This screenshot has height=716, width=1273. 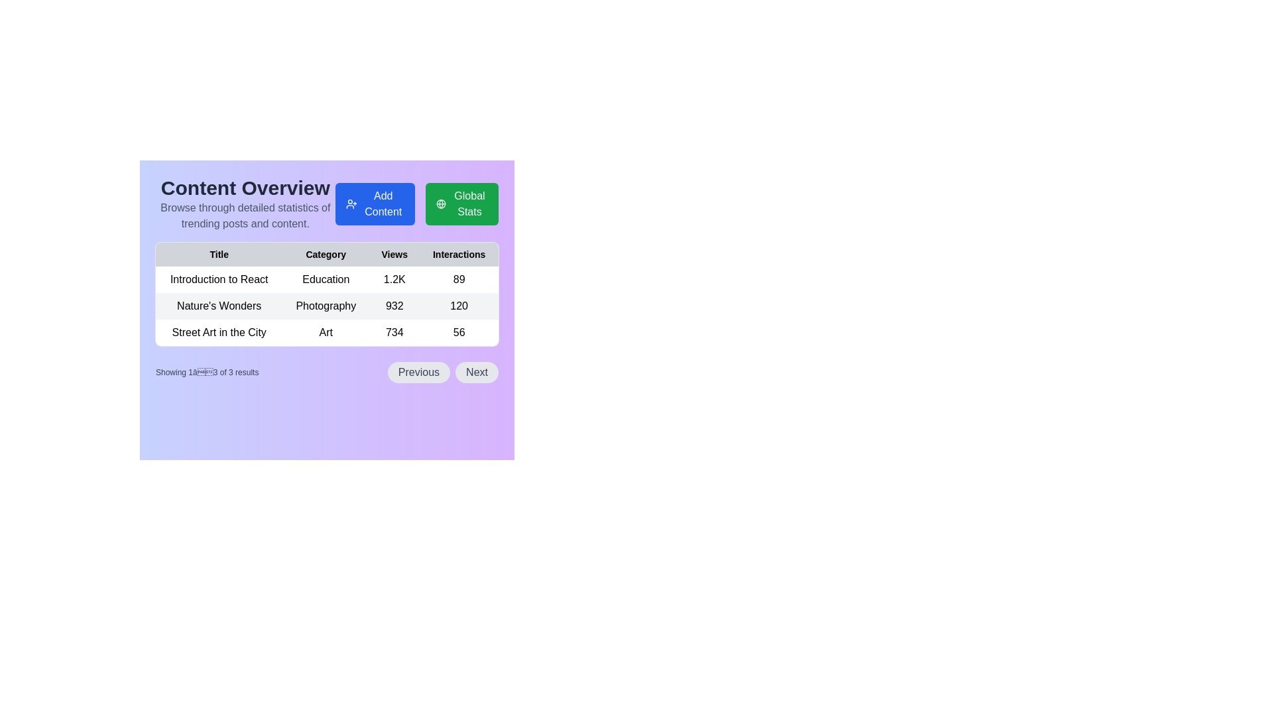 What do you see at coordinates (459, 331) in the screenshot?
I see `the Static text element displaying '56' in the fourth column of the third row of the data table` at bounding box center [459, 331].